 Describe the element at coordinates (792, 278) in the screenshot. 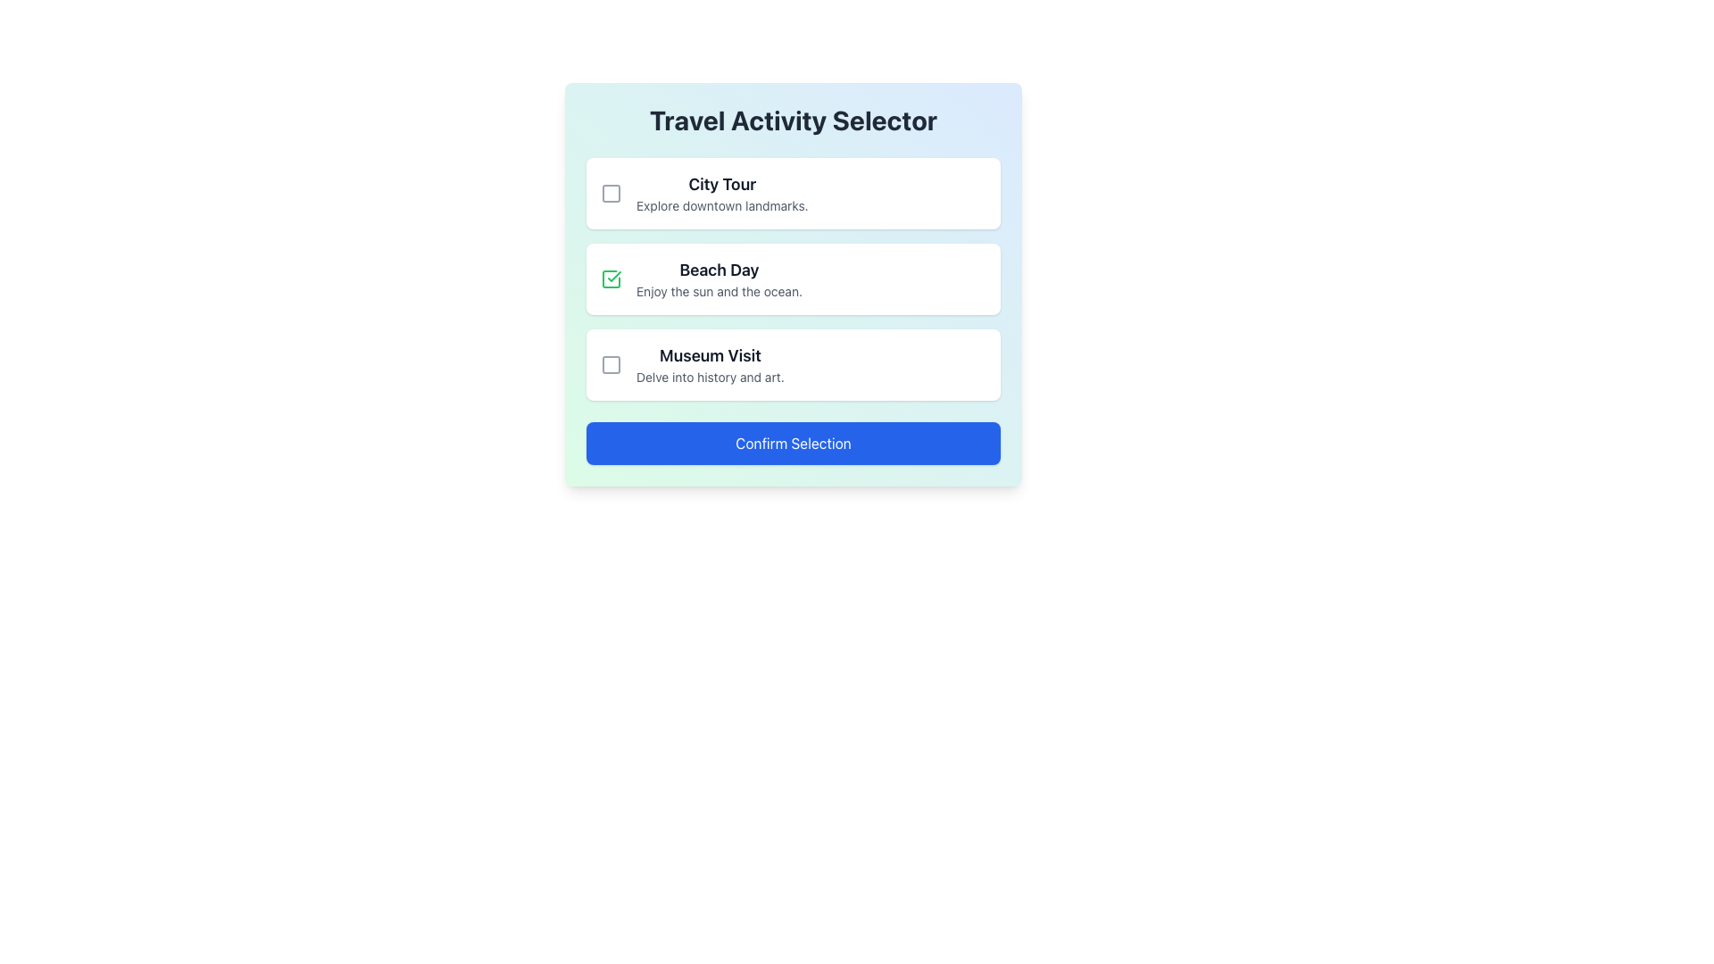

I see `the 'Beach Day' checkbox on the second card in the Travel Activity Selector section` at that location.